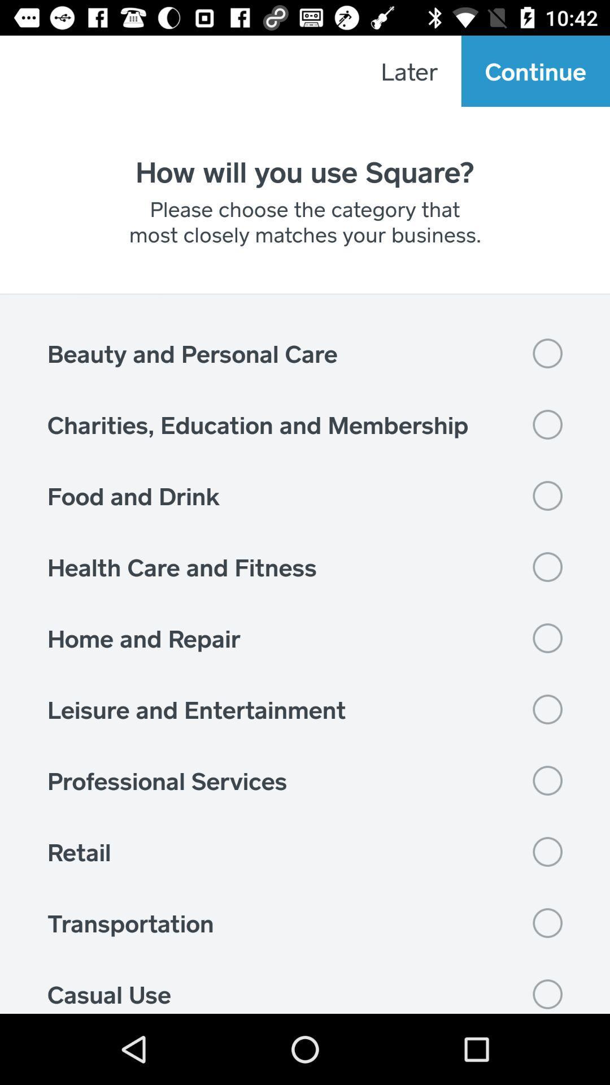  What do you see at coordinates (305, 353) in the screenshot?
I see `icon above charities education and item` at bounding box center [305, 353].